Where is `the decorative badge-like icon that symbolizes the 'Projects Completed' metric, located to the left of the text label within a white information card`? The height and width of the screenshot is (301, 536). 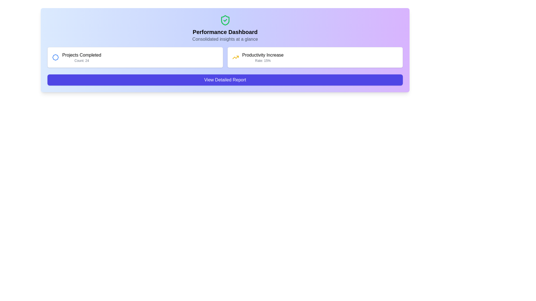
the decorative badge-like icon that symbolizes the 'Projects Completed' metric, located to the left of the text label within a white information card is located at coordinates (55, 57).